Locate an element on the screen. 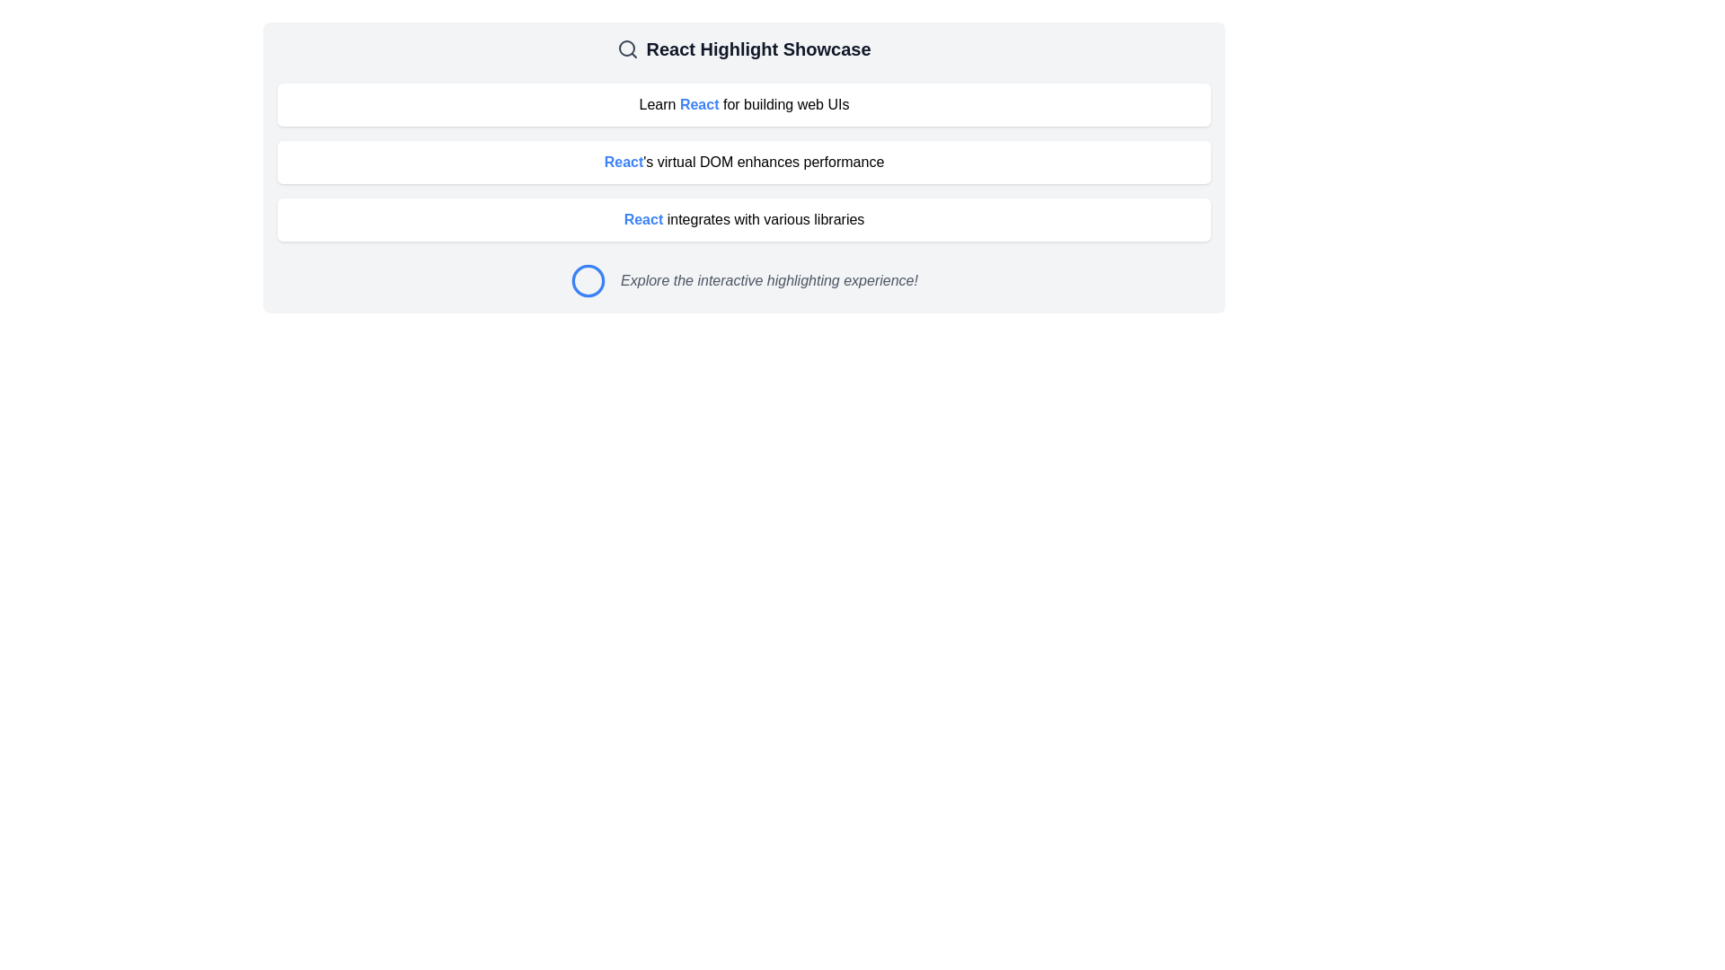 The image size is (1725, 970). the Text display label that shows "React's virtual DOM enhances performance", distinguished by its blue color and bold font is located at coordinates (744, 162).